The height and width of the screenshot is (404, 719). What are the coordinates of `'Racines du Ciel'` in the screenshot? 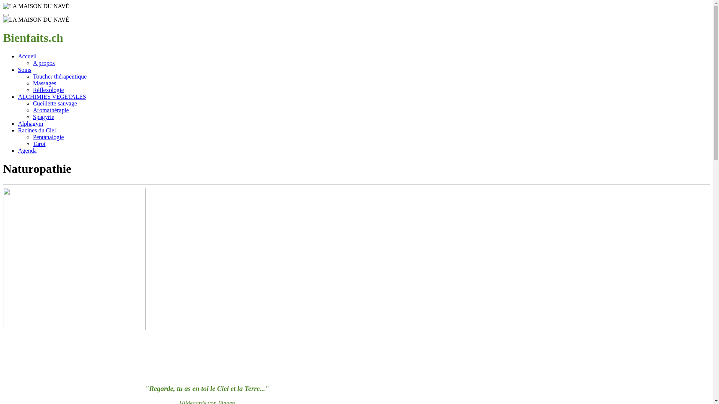 It's located at (36, 130).